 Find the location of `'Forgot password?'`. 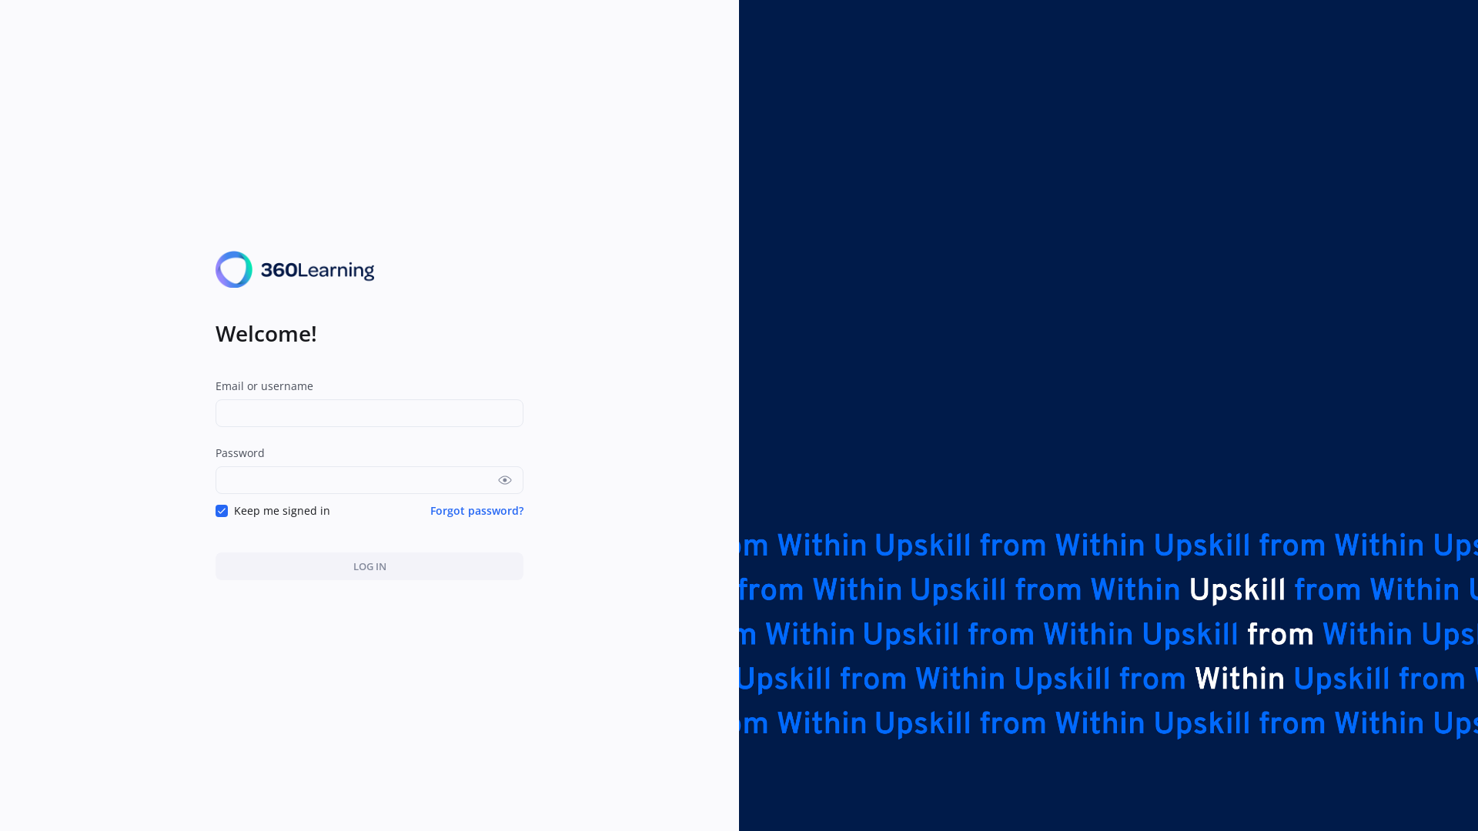

'Forgot password?' is located at coordinates (430, 510).